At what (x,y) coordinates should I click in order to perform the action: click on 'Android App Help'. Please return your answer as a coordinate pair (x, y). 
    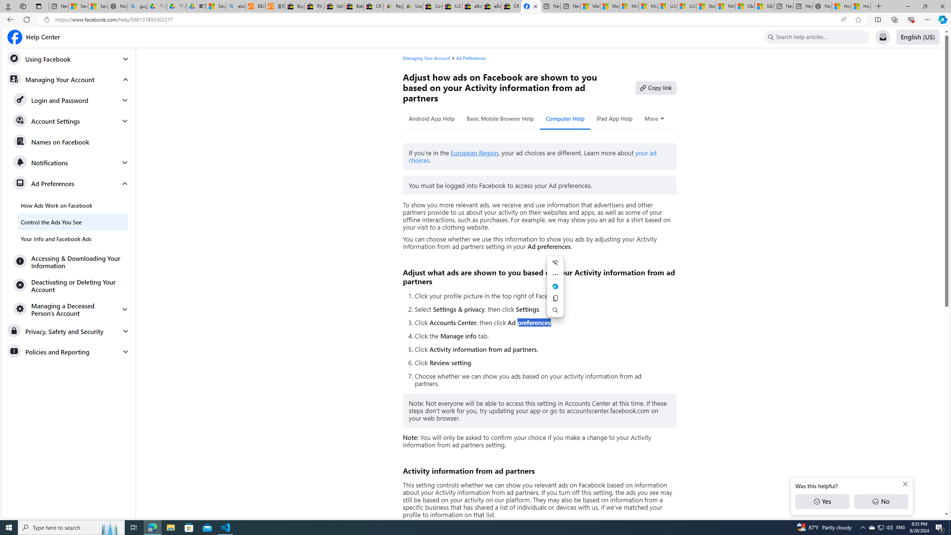
    Looking at the image, I should click on (431, 118).